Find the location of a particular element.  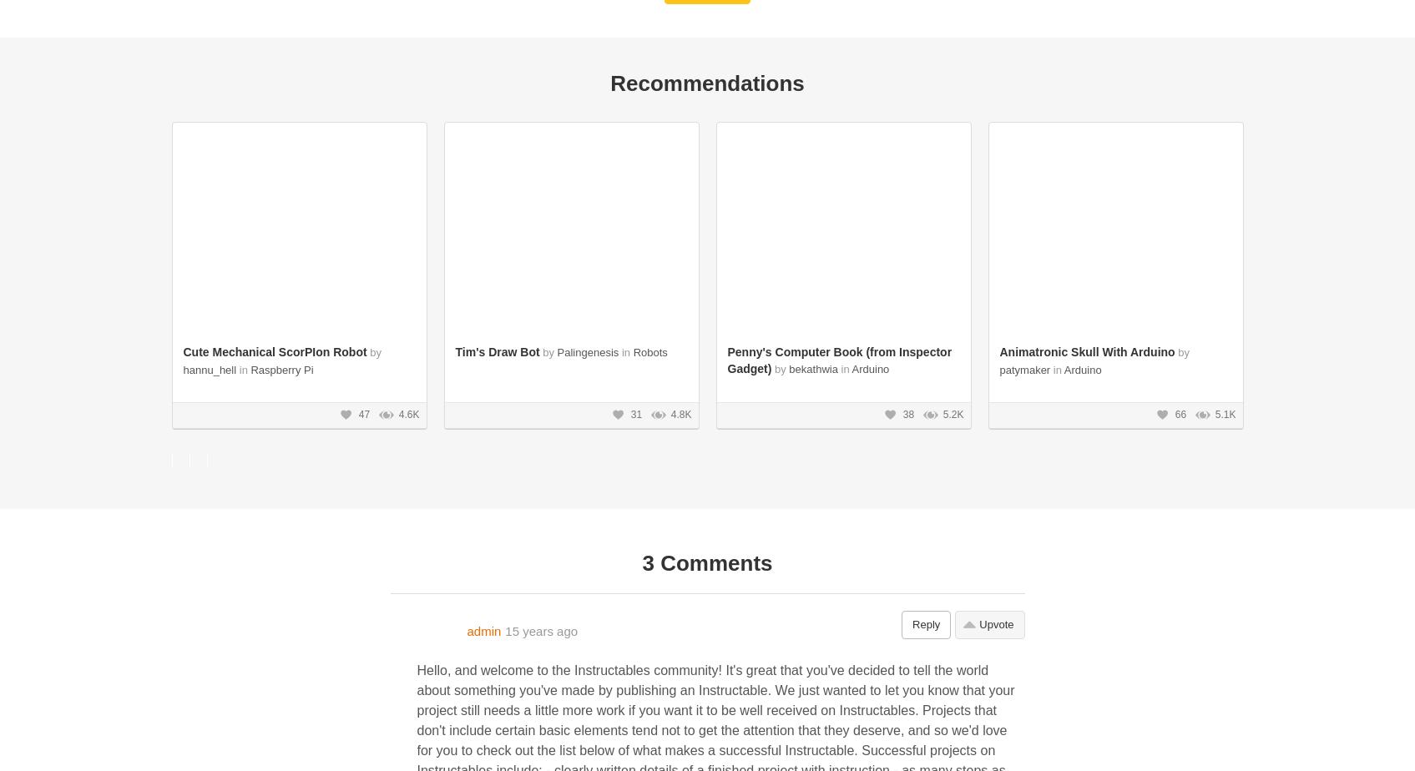

'31' is located at coordinates (635, 414).